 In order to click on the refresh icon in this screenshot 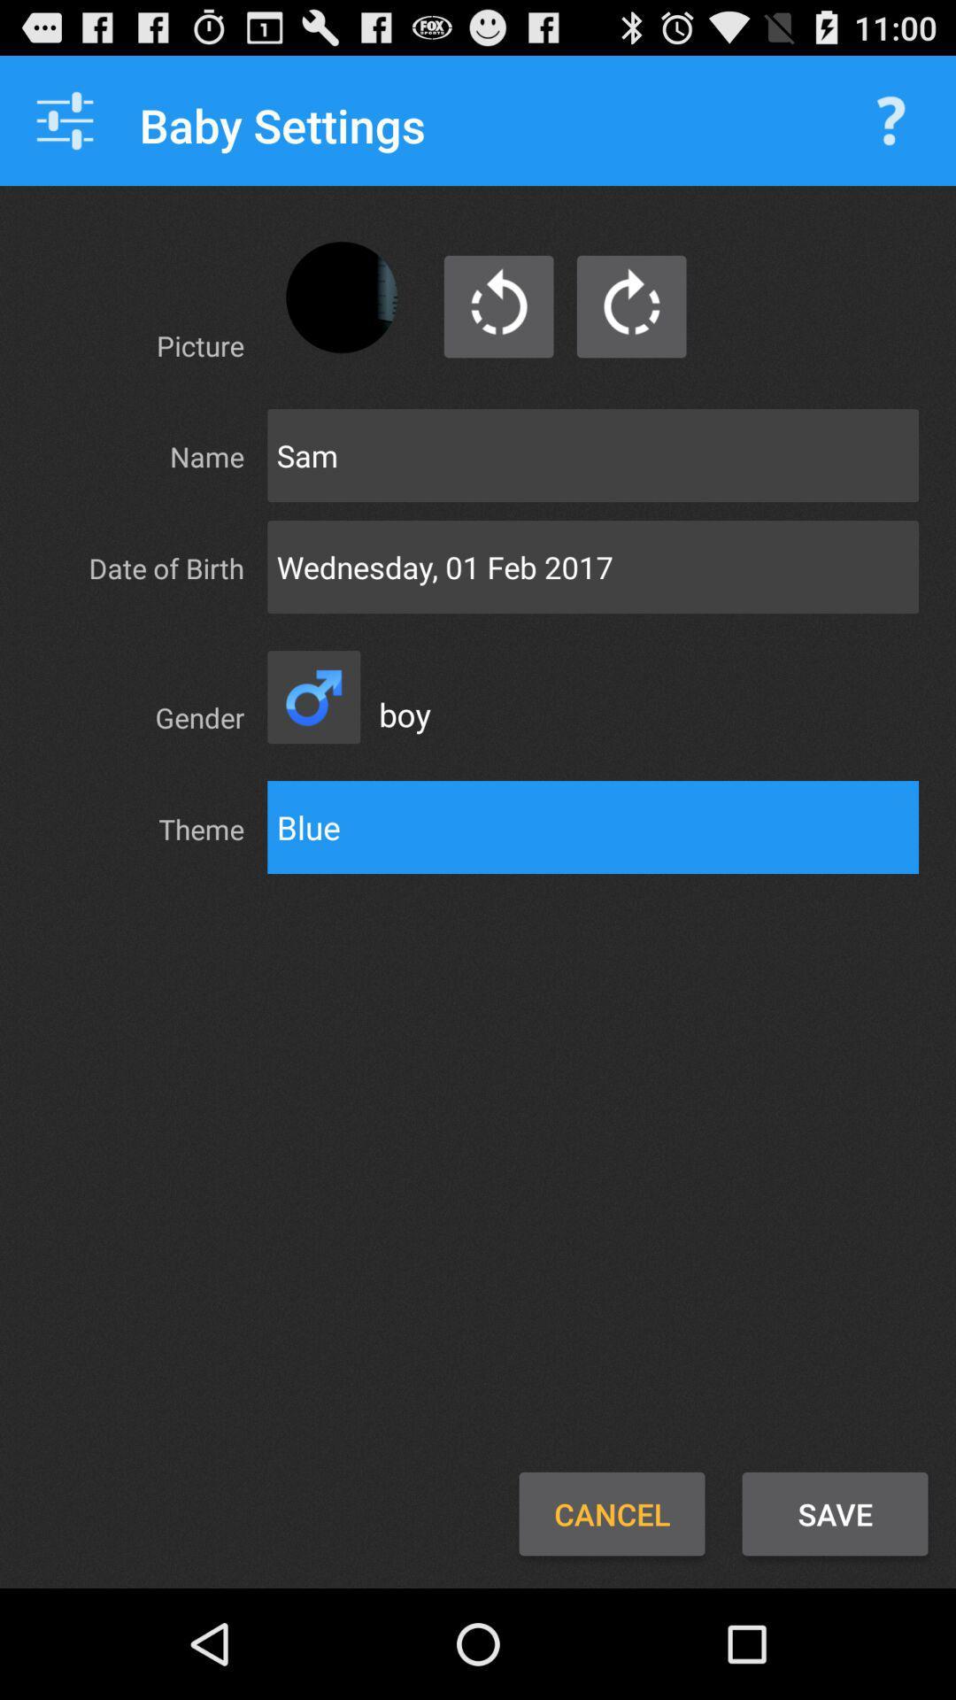, I will do `click(312, 746)`.